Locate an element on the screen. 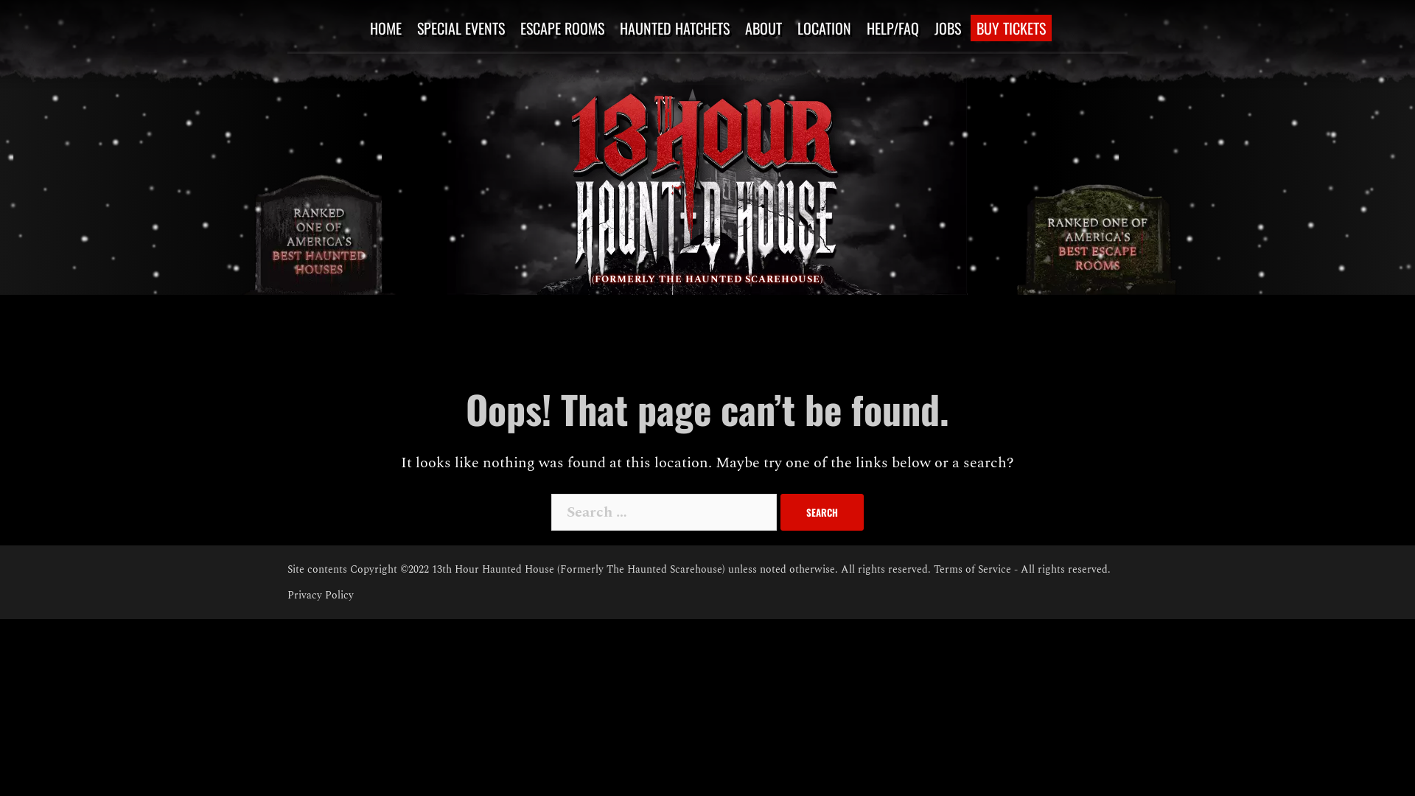 The width and height of the screenshot is (1415, 796). 'BUY TICKETS' is located at coordinates (1010, 28).